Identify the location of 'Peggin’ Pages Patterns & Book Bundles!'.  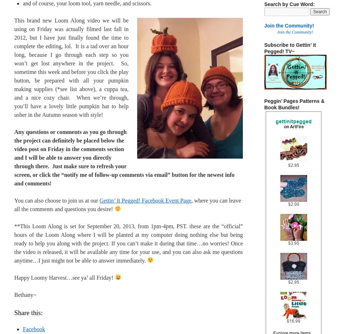
(264, 104).